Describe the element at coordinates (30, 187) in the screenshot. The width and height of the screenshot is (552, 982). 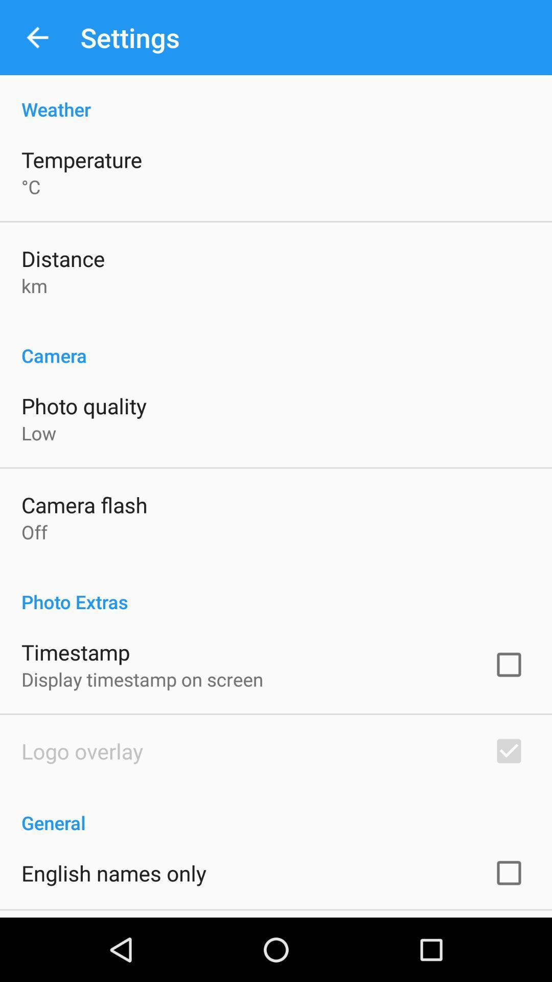
I see `app below the temperature app` at that location.